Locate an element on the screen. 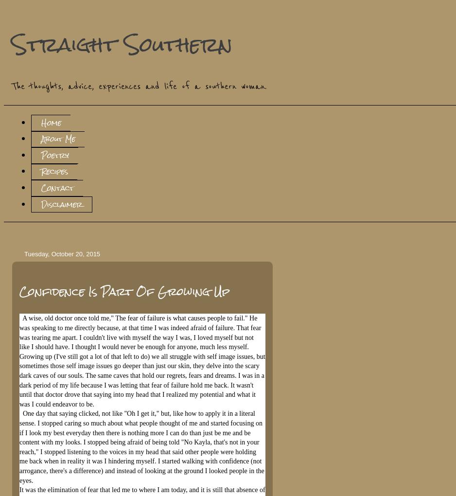  'Recipes' is located at coordinates (53, 171).